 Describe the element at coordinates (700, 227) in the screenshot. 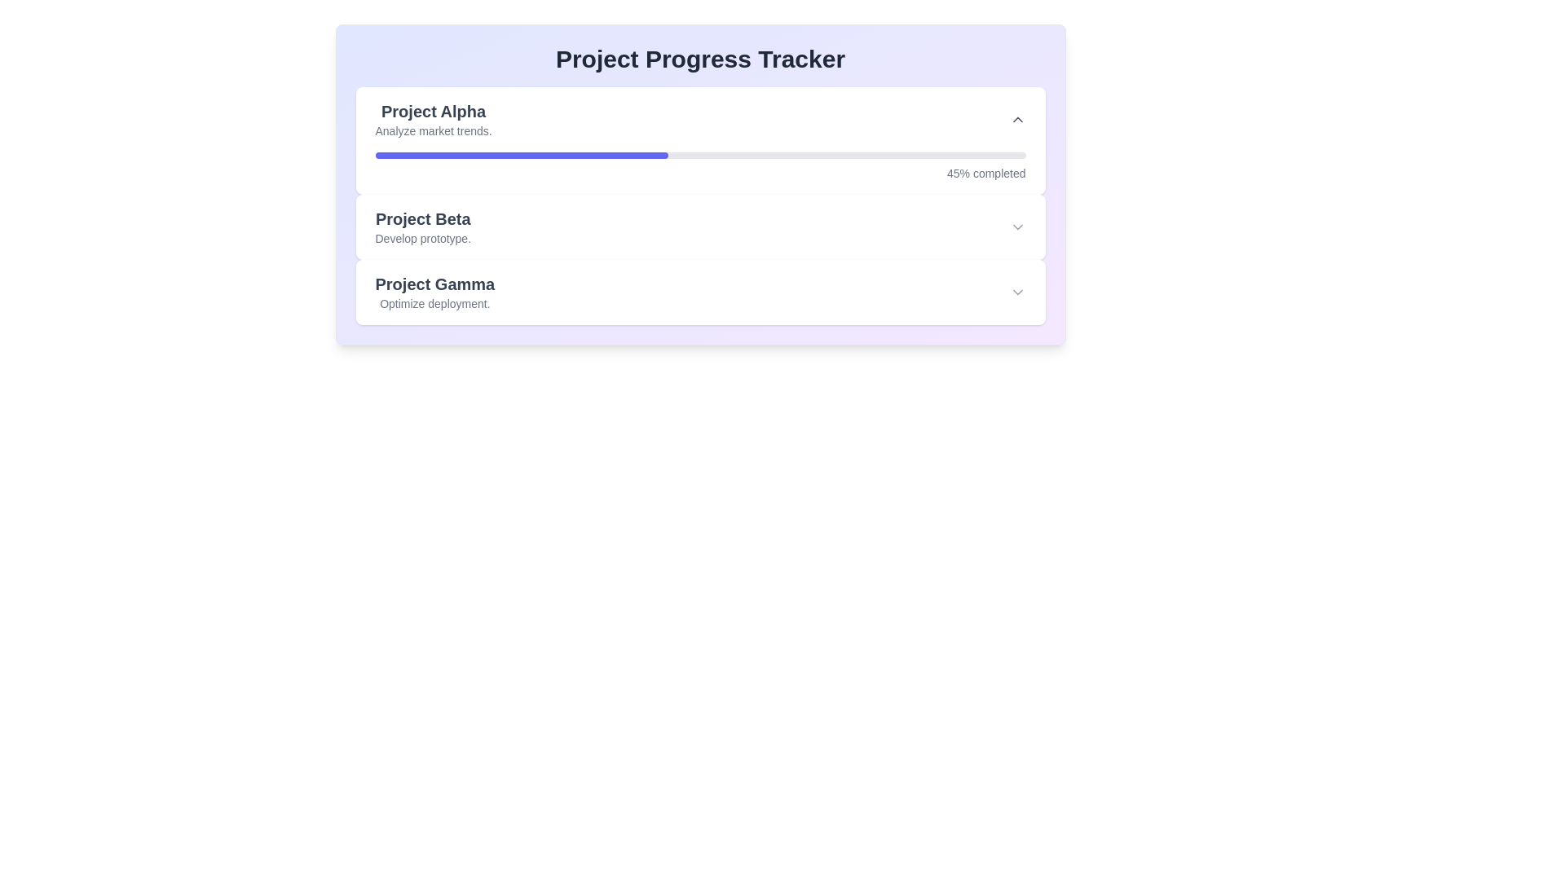

I see `the 'Project Beta' task item in the project tracker interface to expand additional details or perform related actions` at that location.